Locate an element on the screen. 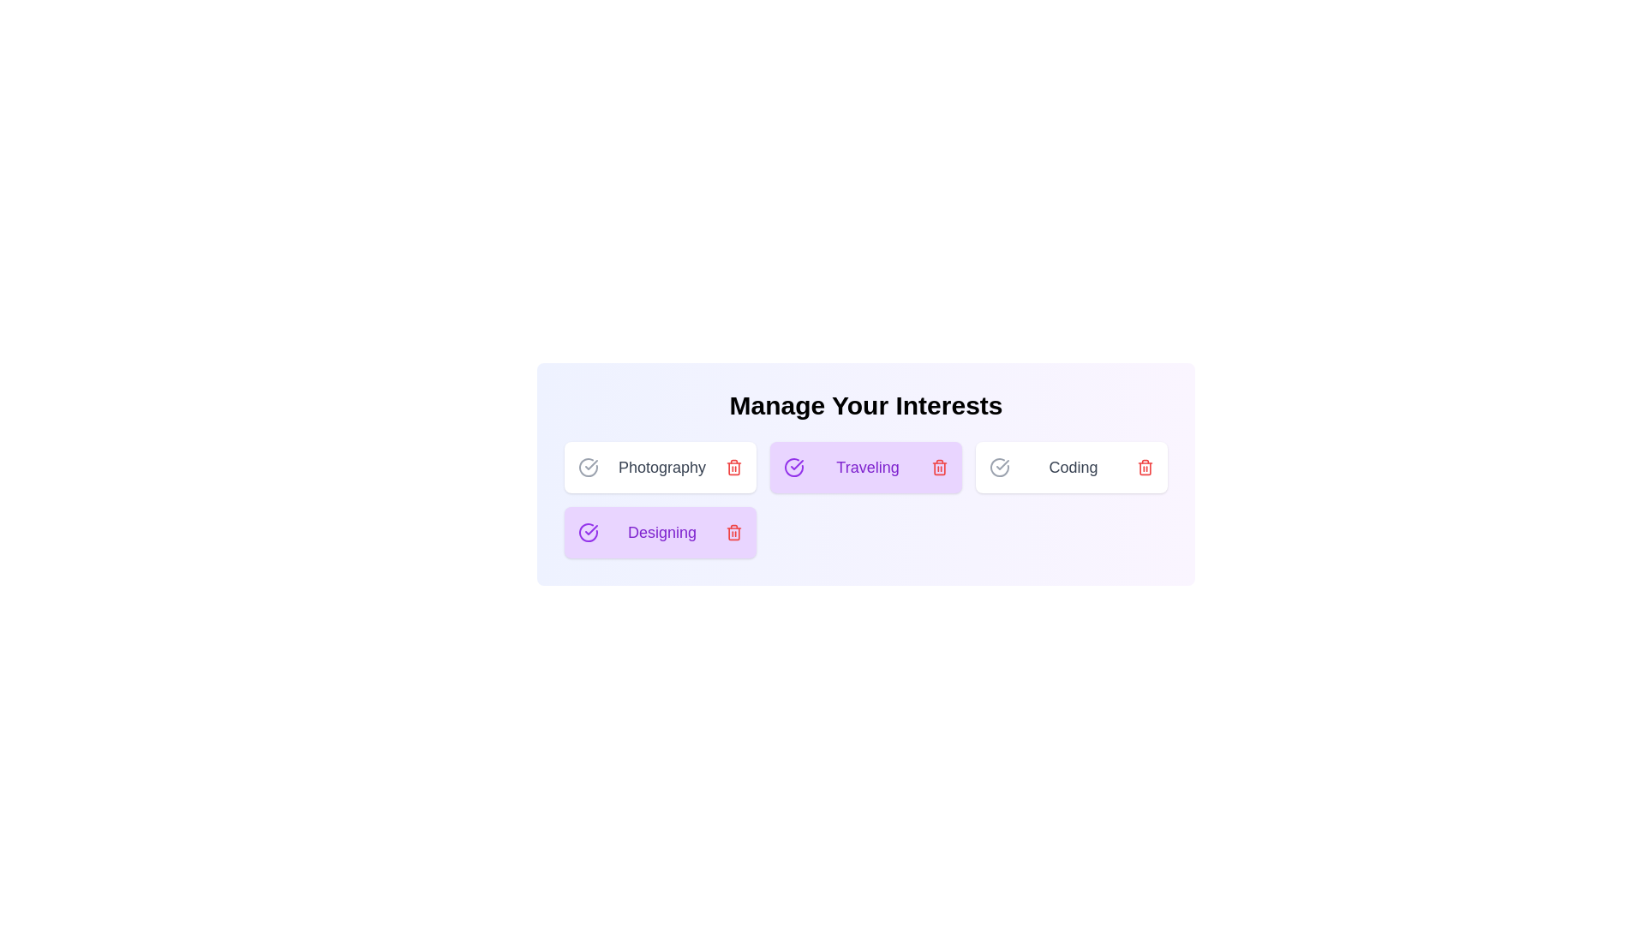 This screenshot has height=925, width=1645. the chip labeled Traveling is located at coordinates (866, 468).